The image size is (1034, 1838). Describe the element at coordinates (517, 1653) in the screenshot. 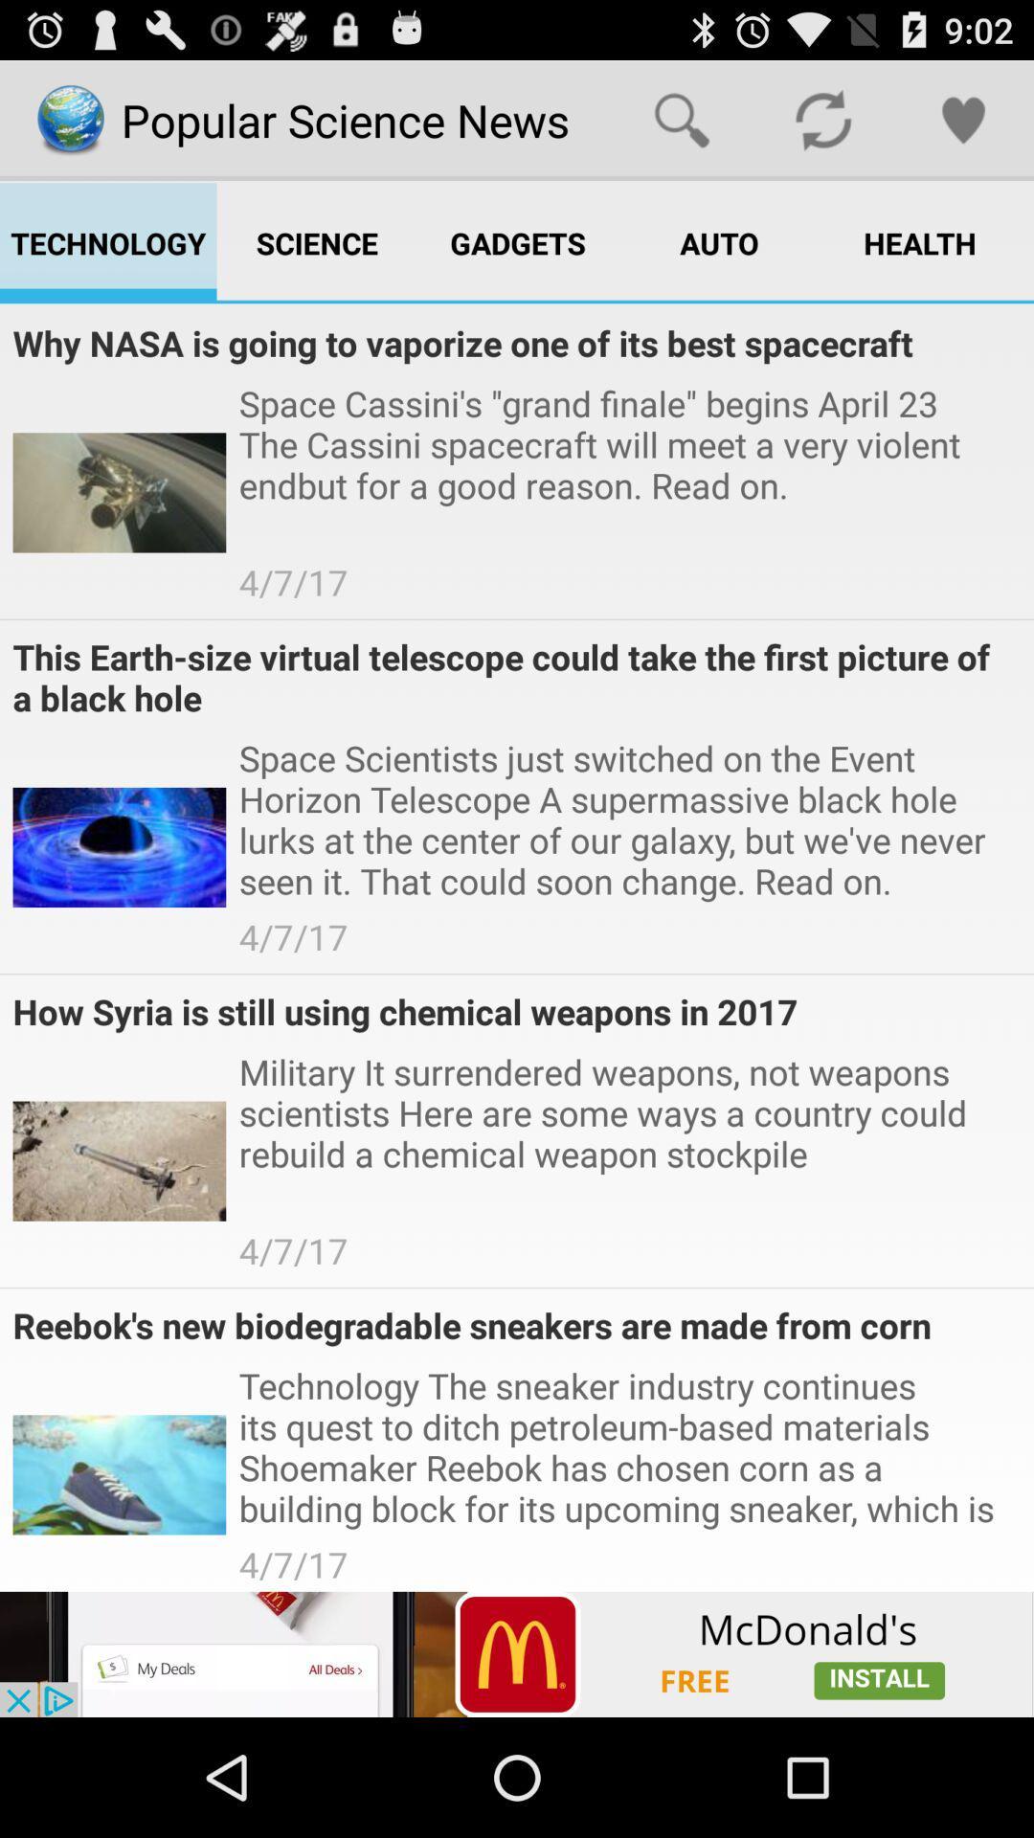

I see `the picture` at that location.